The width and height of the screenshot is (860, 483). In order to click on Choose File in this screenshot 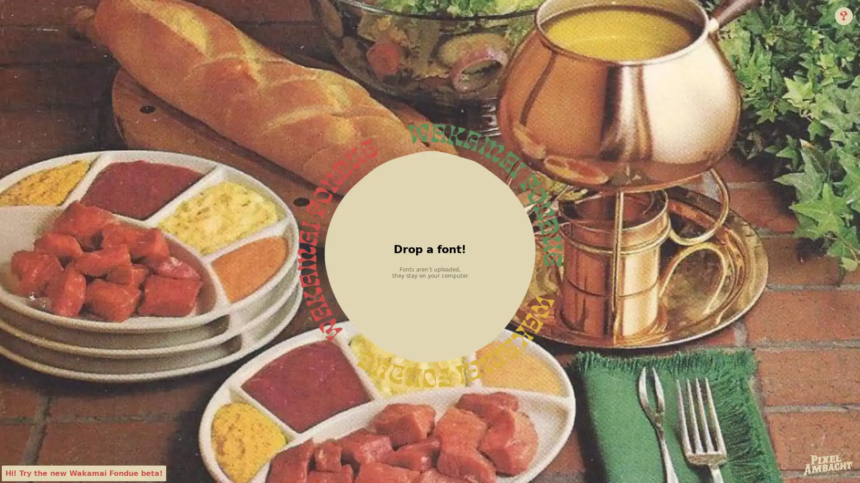, I will do `click(450, 260)`.